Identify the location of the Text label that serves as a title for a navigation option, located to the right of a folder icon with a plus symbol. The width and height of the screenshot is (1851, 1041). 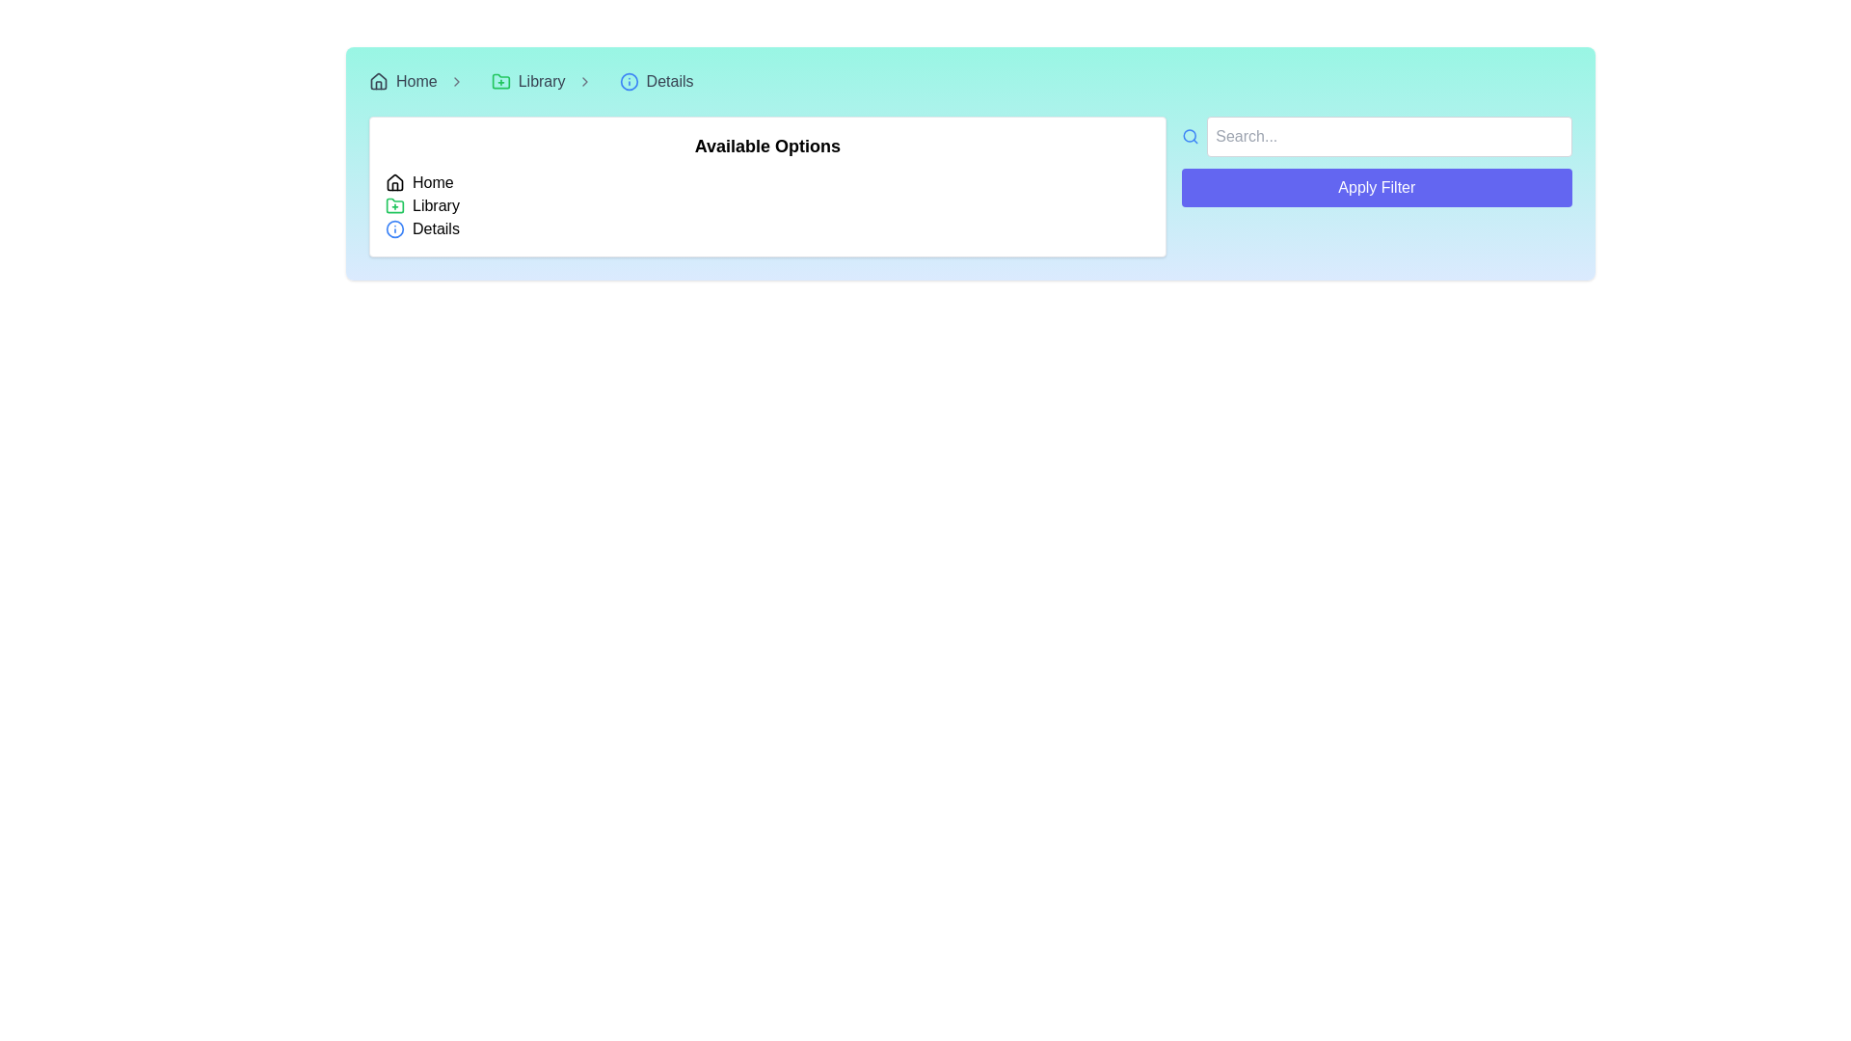
(435, 205).